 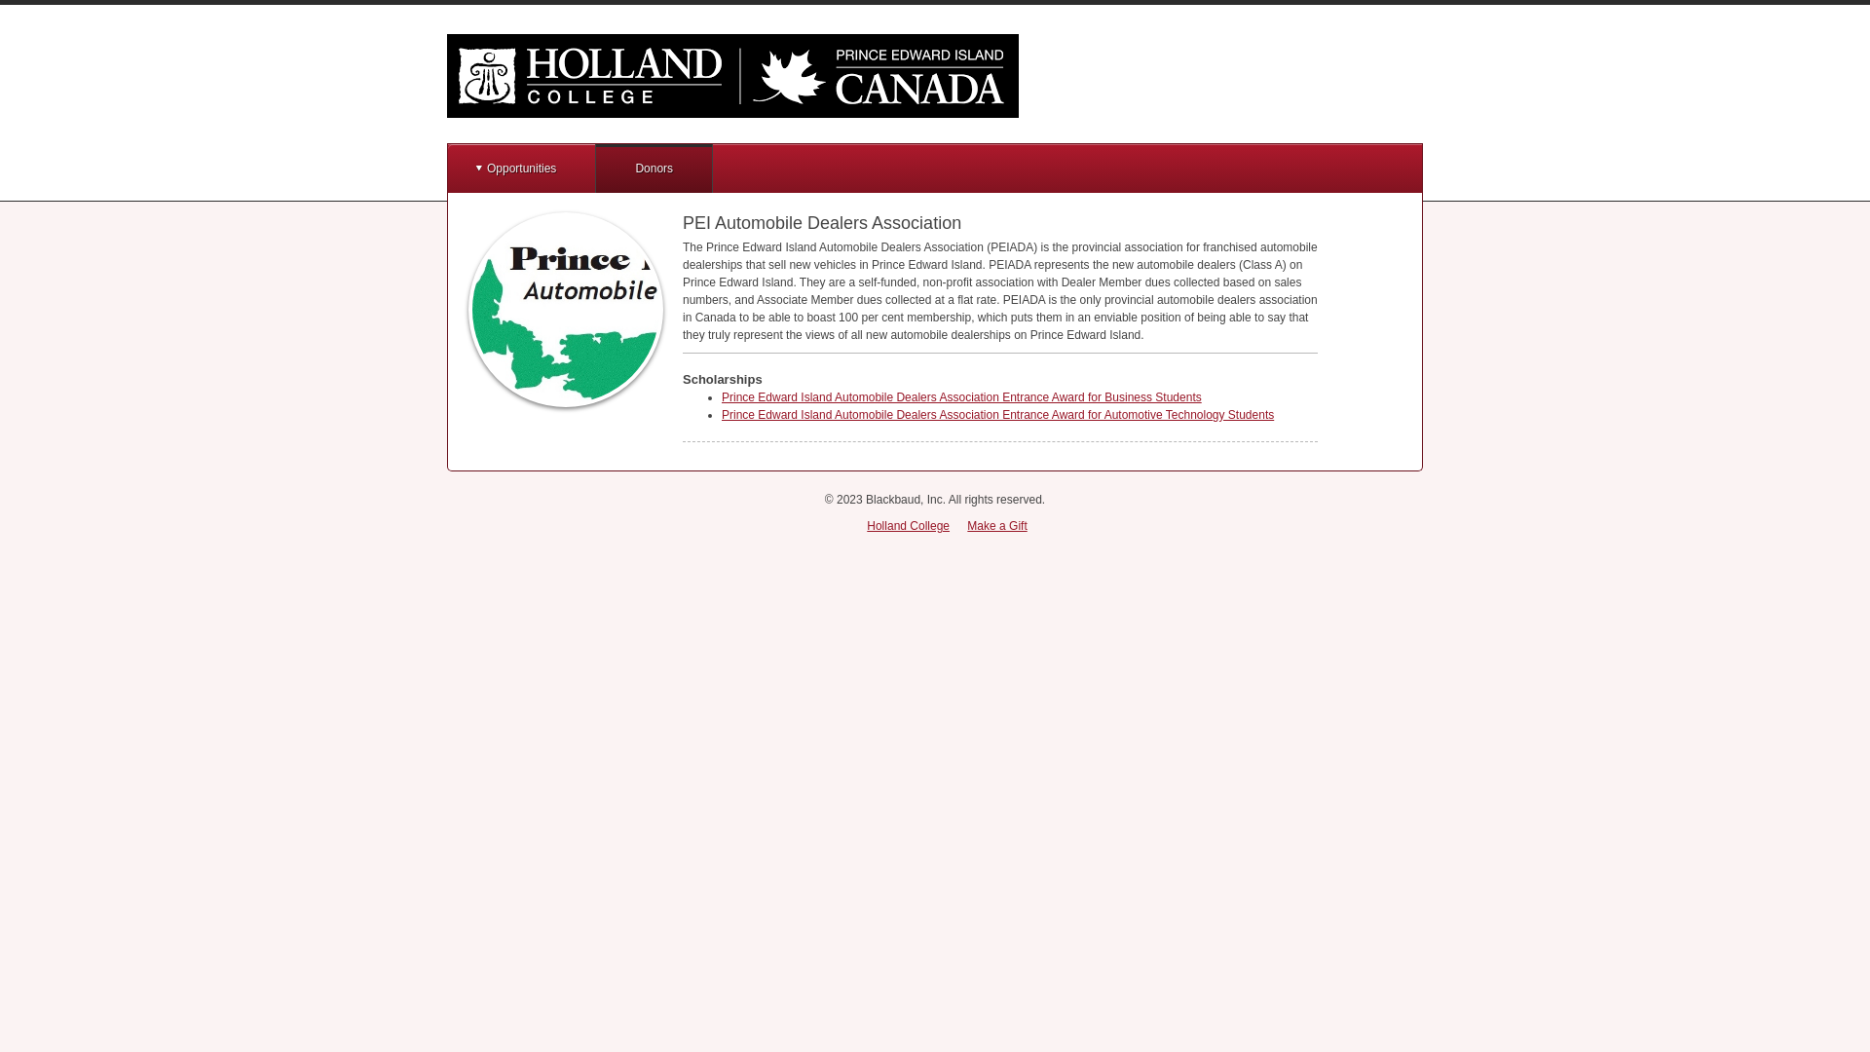 What do you see at coordinates (865, 526) in the screenshot?
I see `'Holland College'` at bounding box center [865, 526].